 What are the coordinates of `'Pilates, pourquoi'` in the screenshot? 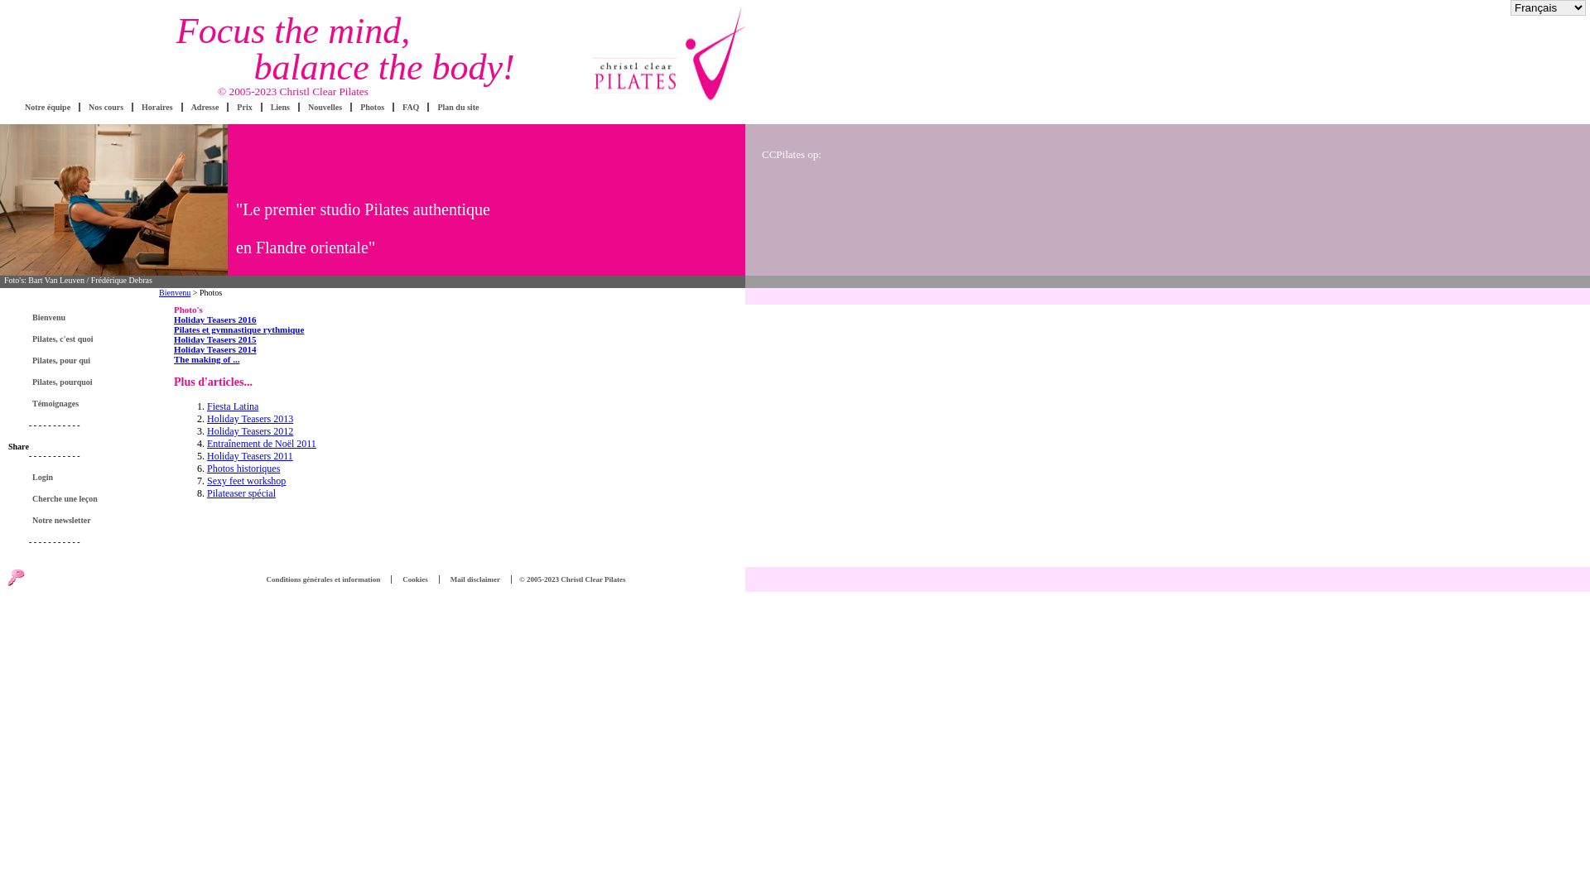 It's located at (62, 382).